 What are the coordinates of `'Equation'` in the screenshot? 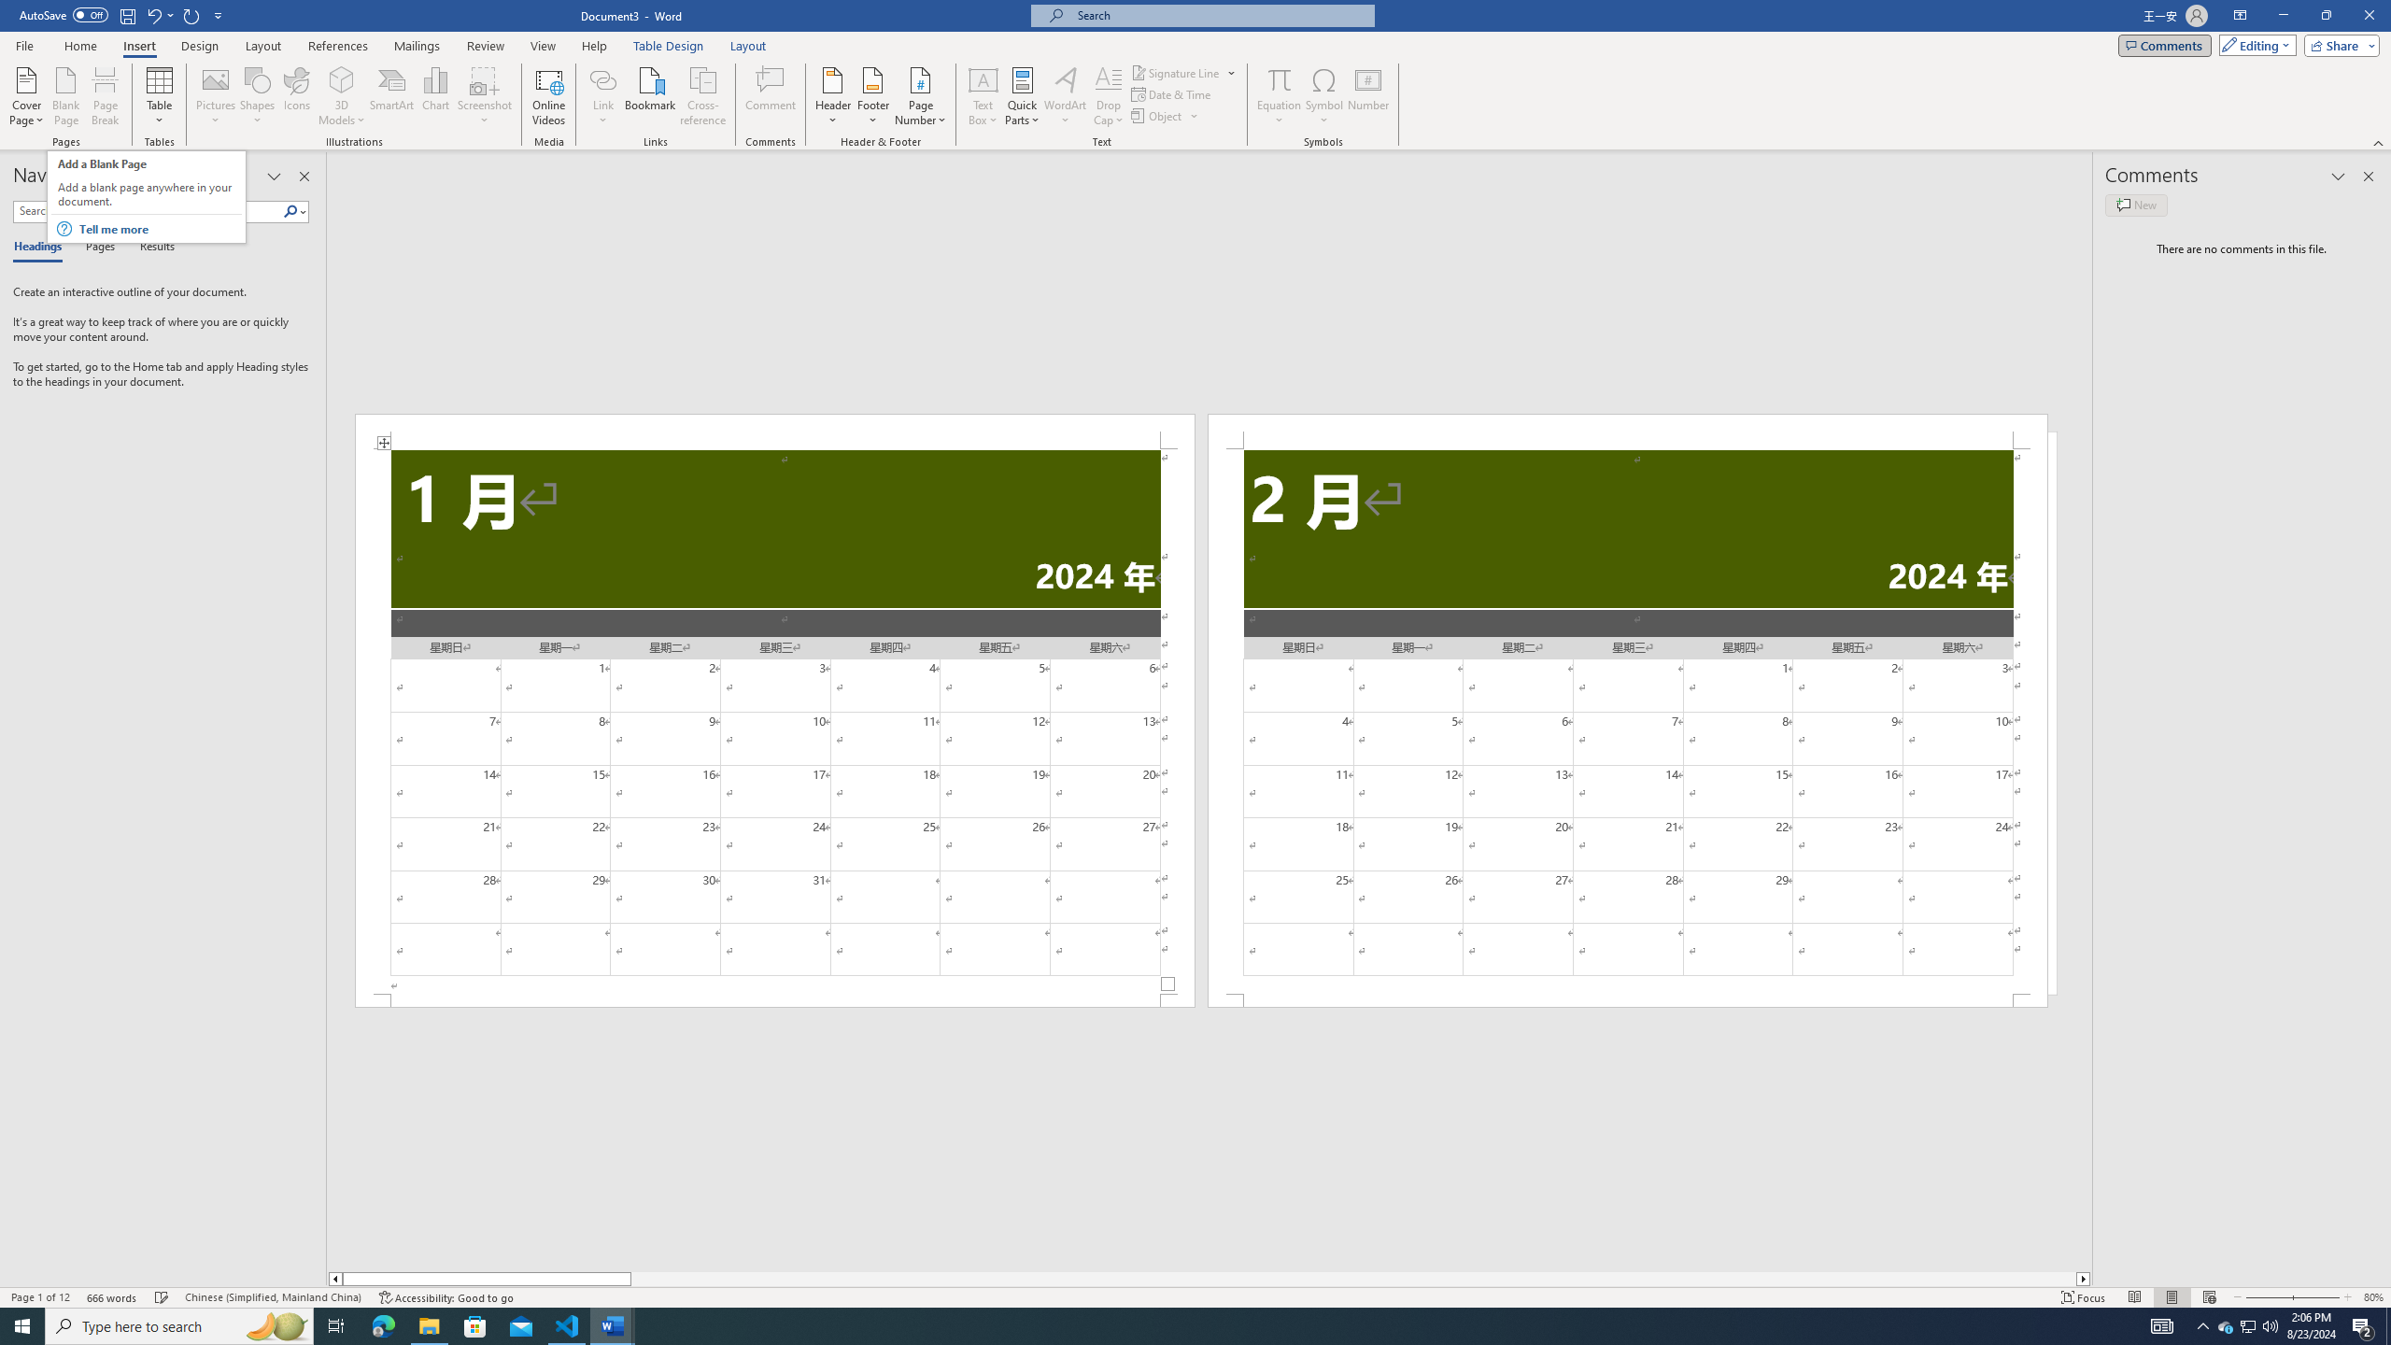 It's located at (1279, 96).